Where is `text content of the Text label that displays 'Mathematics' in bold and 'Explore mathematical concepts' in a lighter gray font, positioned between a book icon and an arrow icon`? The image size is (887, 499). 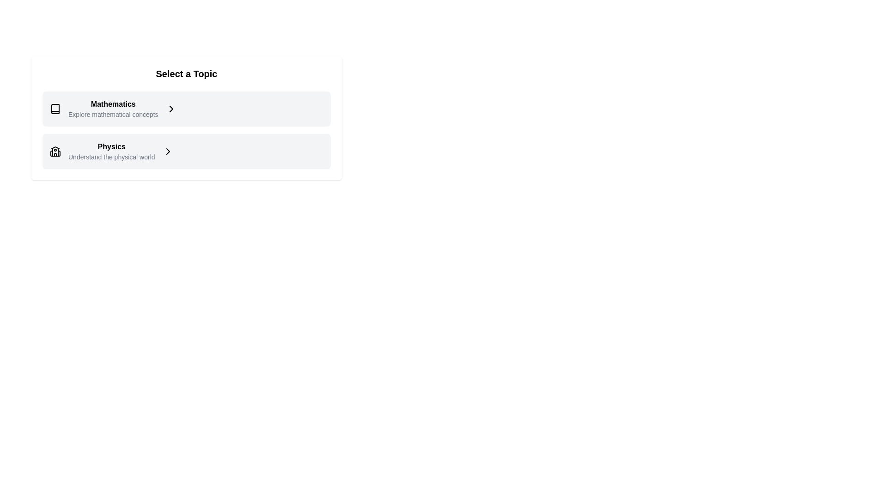
text content of the Text label that displays 'Mathematics' in bold and 'Explore mathematical concepts' in a lighter gray font, positioned between a book icon and an arrow icon is located at coordinates (113, 108).